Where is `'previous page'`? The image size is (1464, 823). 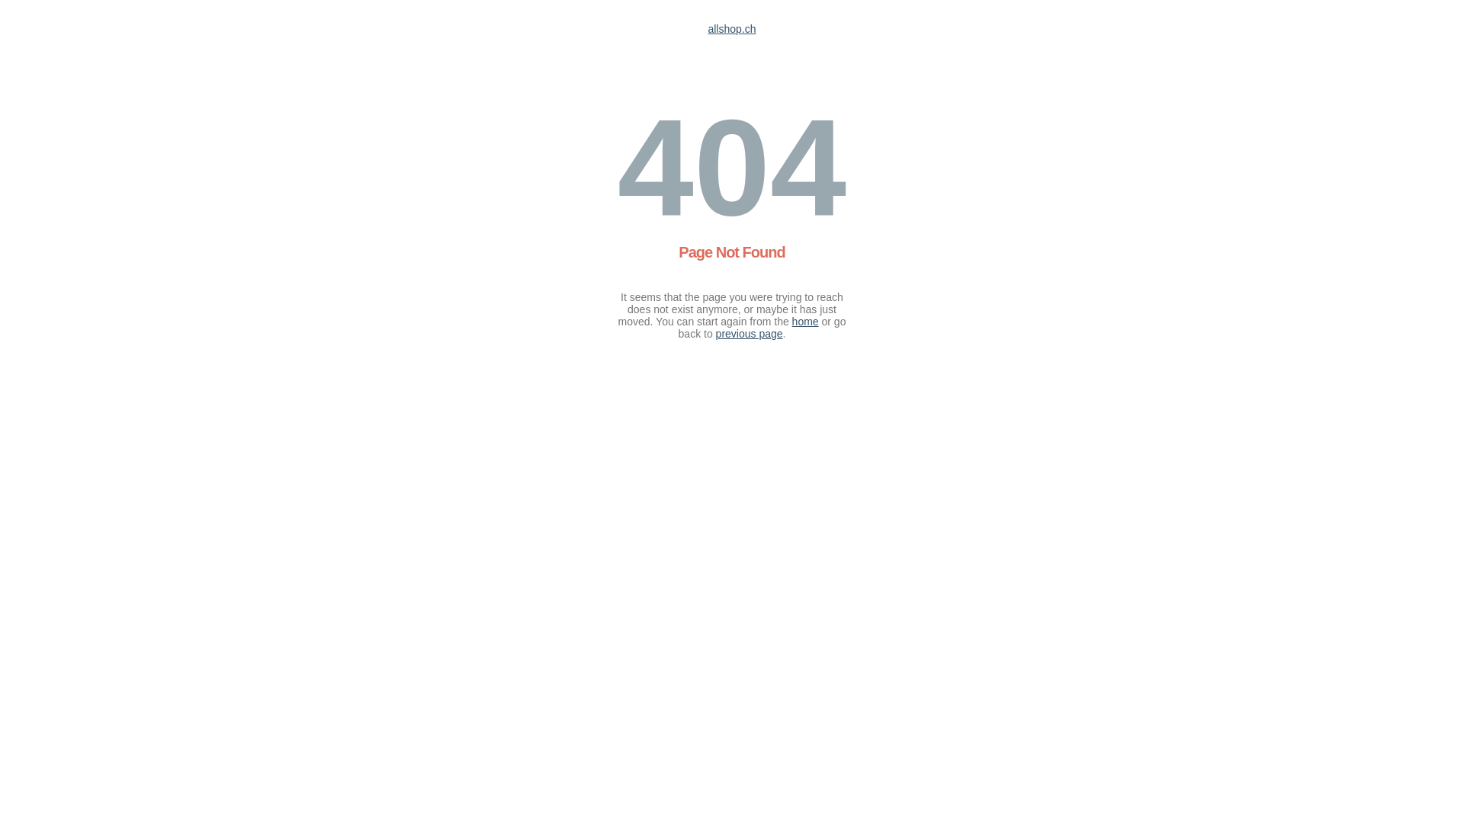
'previous page' is located at coordinates (750, 333).